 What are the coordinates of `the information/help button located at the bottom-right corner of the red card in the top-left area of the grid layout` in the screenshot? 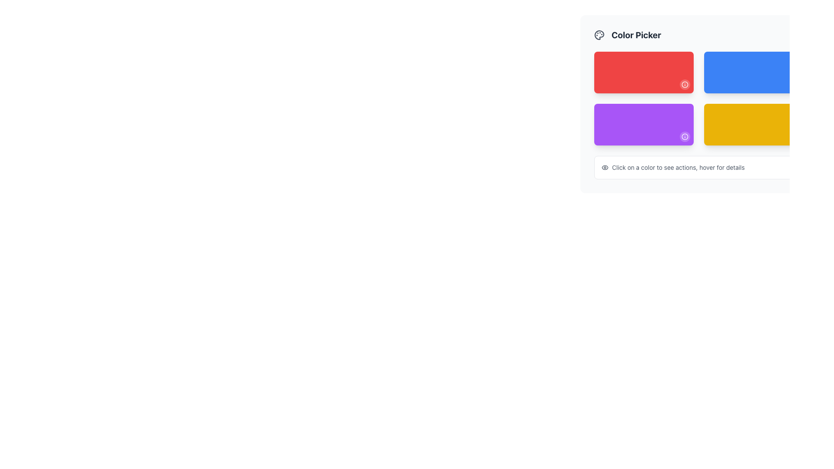 It's located at (685, 85).